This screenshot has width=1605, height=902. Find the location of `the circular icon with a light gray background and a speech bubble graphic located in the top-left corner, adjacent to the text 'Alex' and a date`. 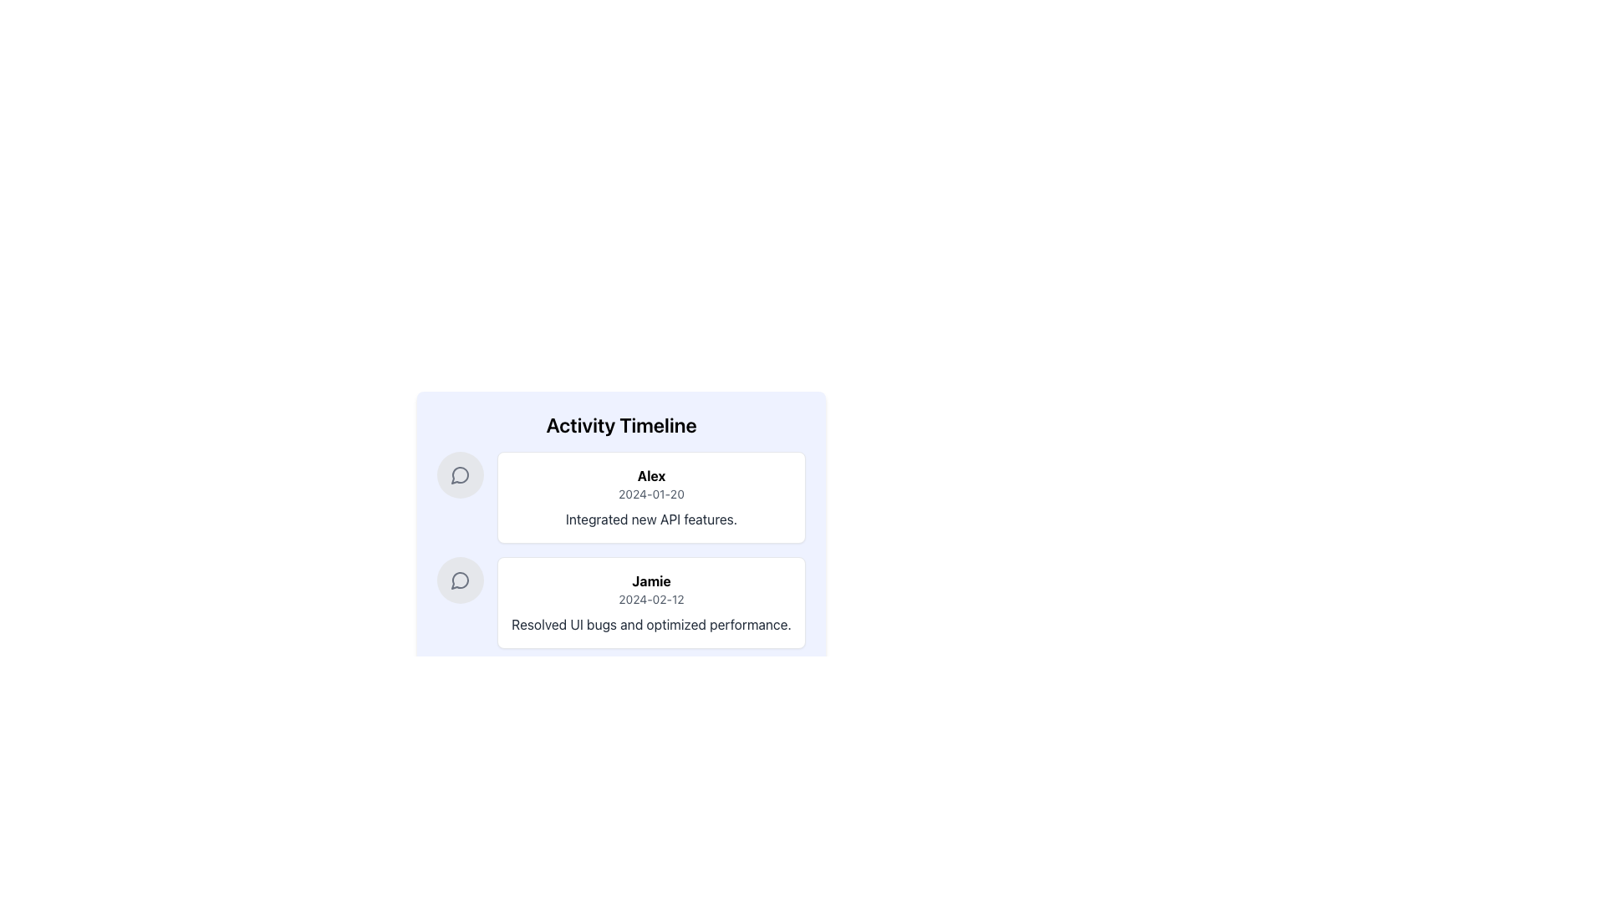

the circular icon with a light gray background and a speech bubble graphic located in the top-left corner, adjacent to the text 'Alex' and a date is located at coordinates (461, 475).